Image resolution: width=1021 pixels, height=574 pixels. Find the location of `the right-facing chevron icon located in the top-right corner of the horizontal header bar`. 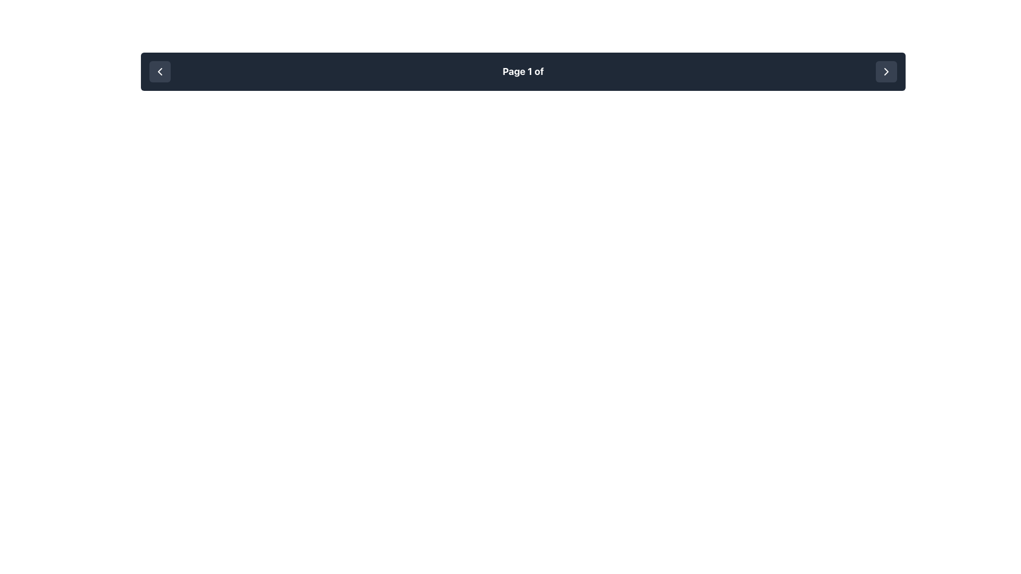

the right-facing chevron icon located in the top-right corner of the horizontal header bar is located at coordinates (886, 72).